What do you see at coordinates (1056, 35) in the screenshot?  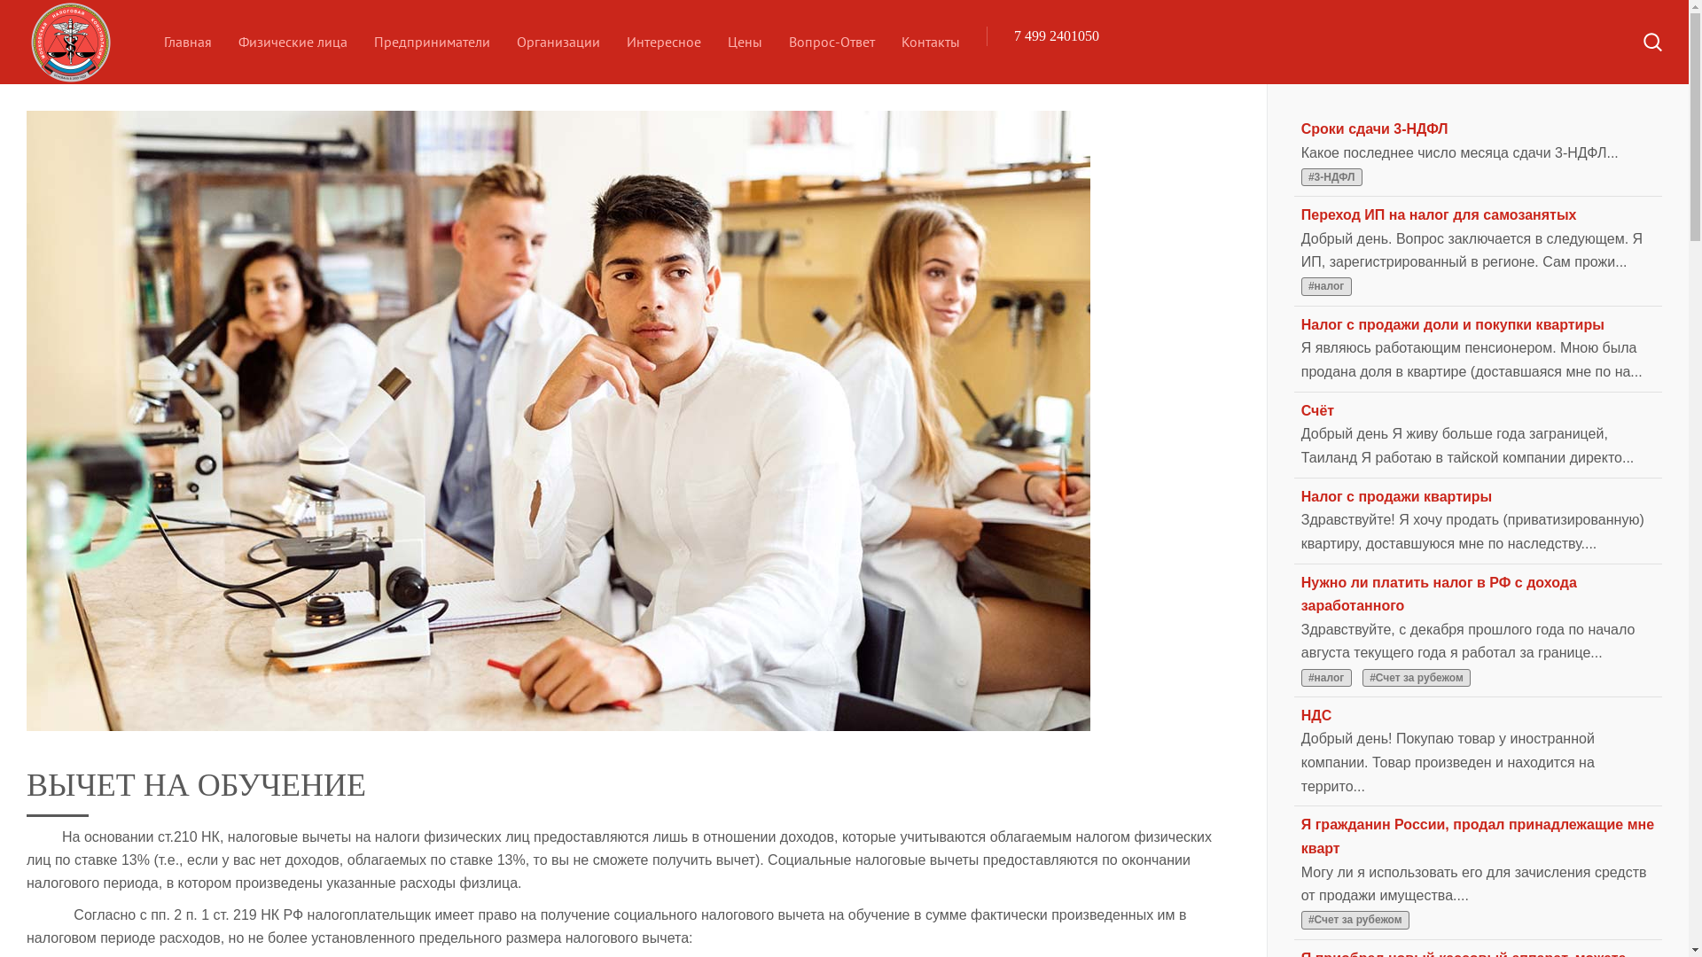 I see `'7 499 2401050'` at bounding box center [1056, 35].